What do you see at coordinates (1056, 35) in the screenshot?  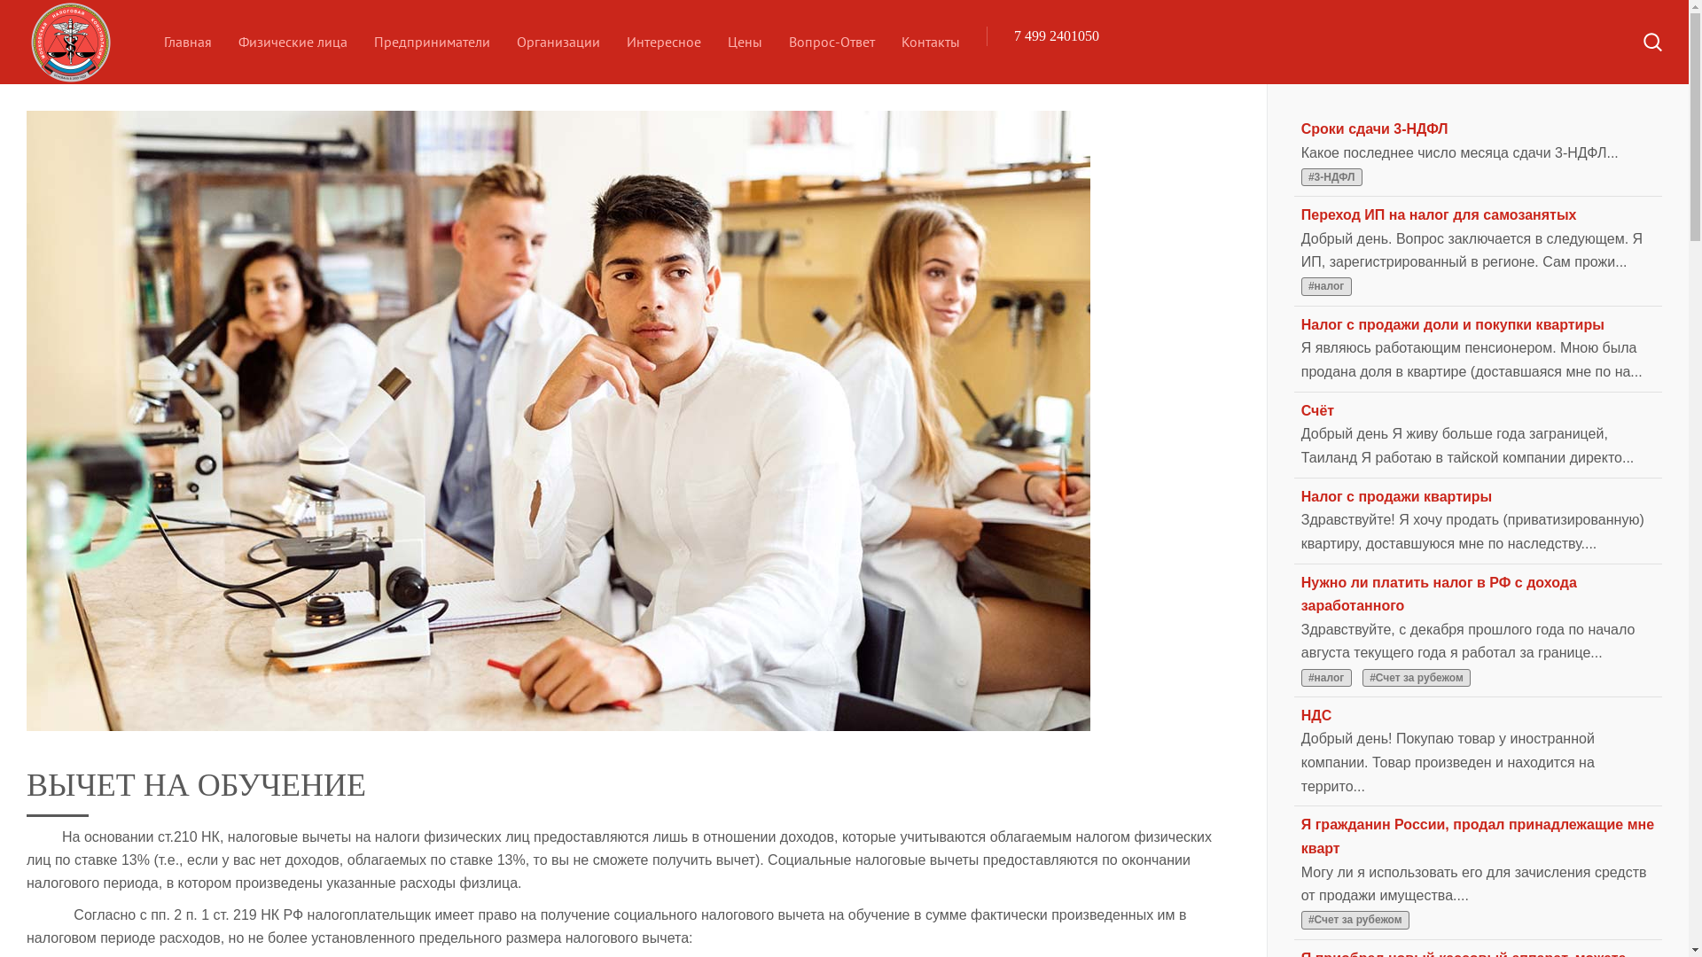 I see `'7 499 2401050'` at bounding box center [1056, 35].